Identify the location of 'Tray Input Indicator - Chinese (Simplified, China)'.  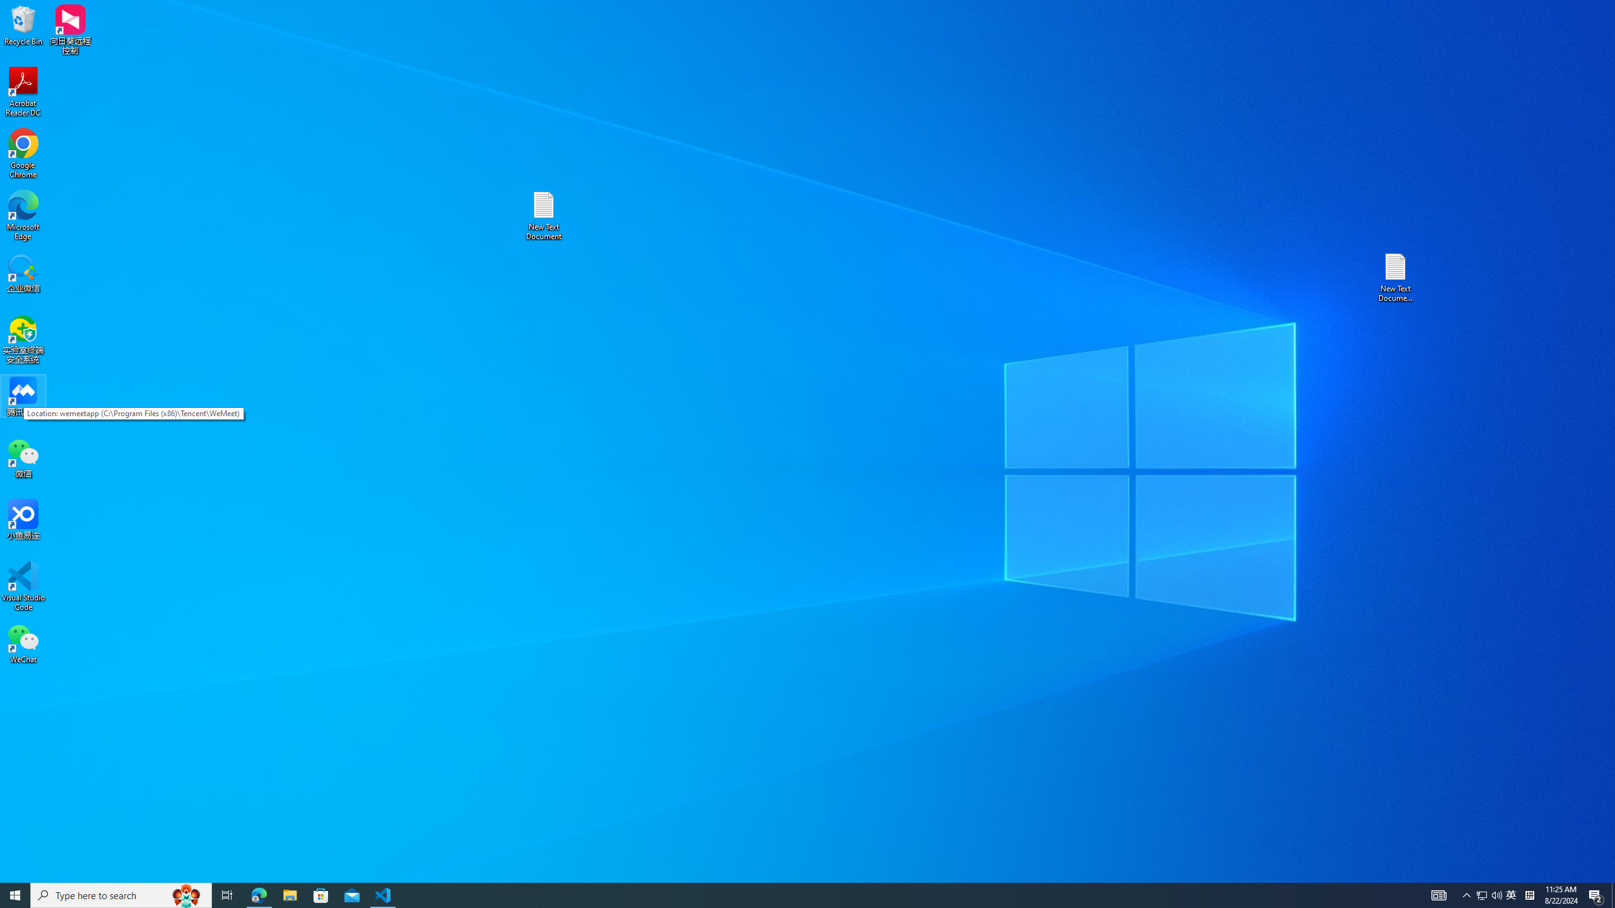
(1529, 894).